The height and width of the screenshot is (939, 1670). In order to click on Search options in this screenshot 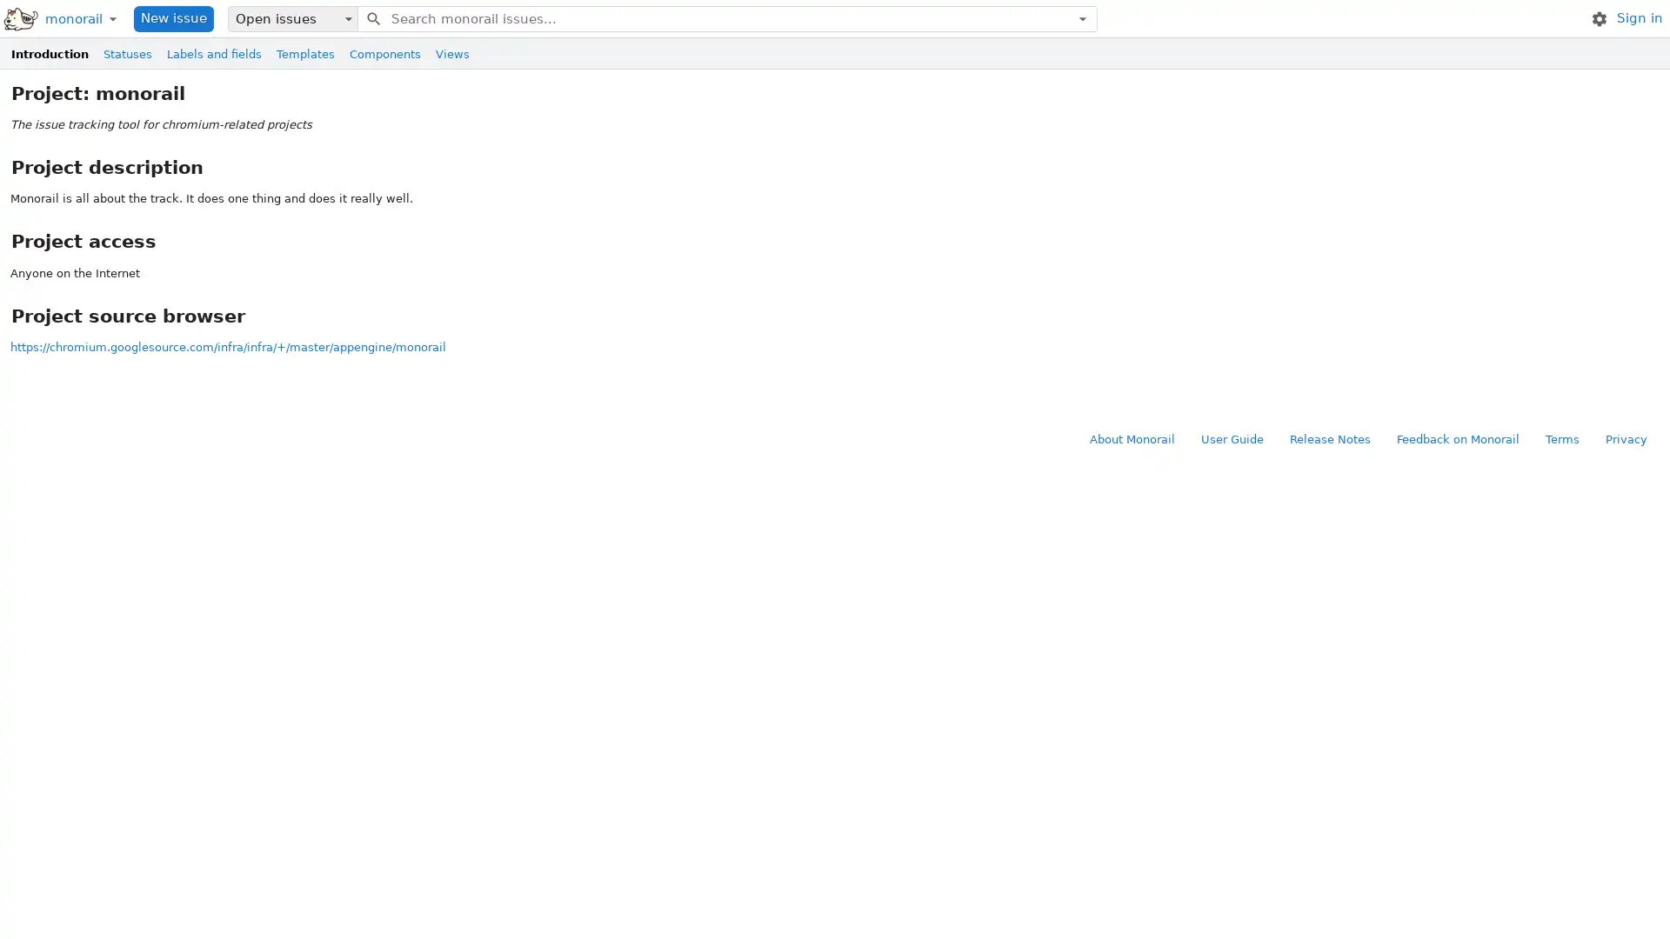, I will do `click(1081, 17)`.